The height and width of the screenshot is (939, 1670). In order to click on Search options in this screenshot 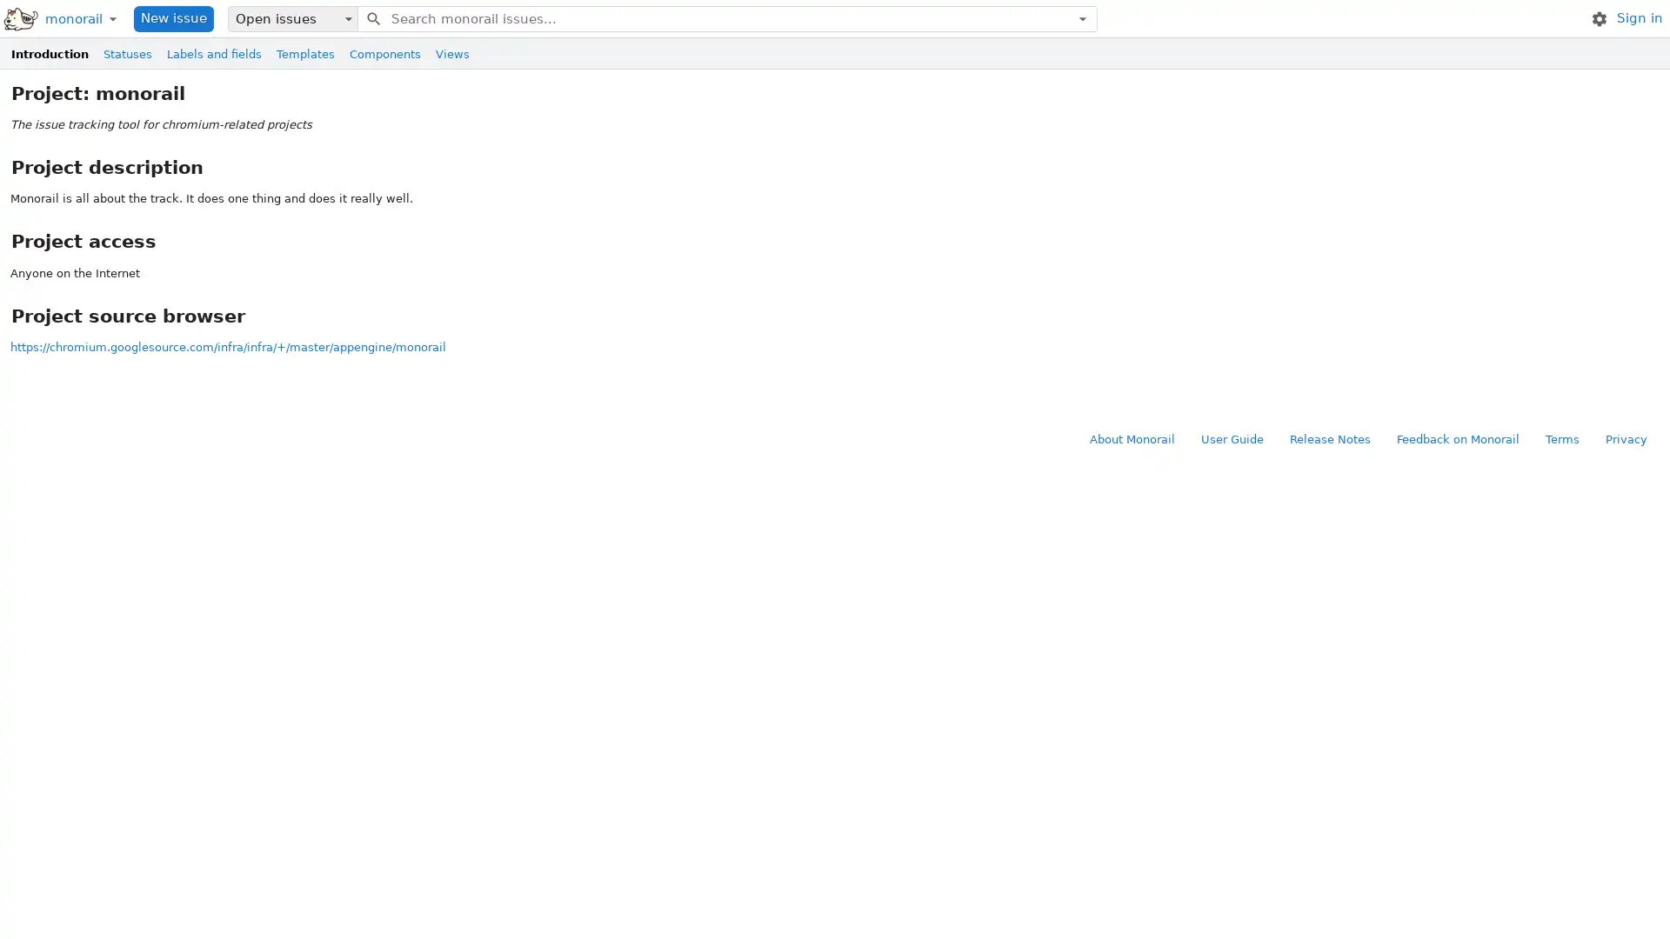, I will do `click(1081, 17)`.